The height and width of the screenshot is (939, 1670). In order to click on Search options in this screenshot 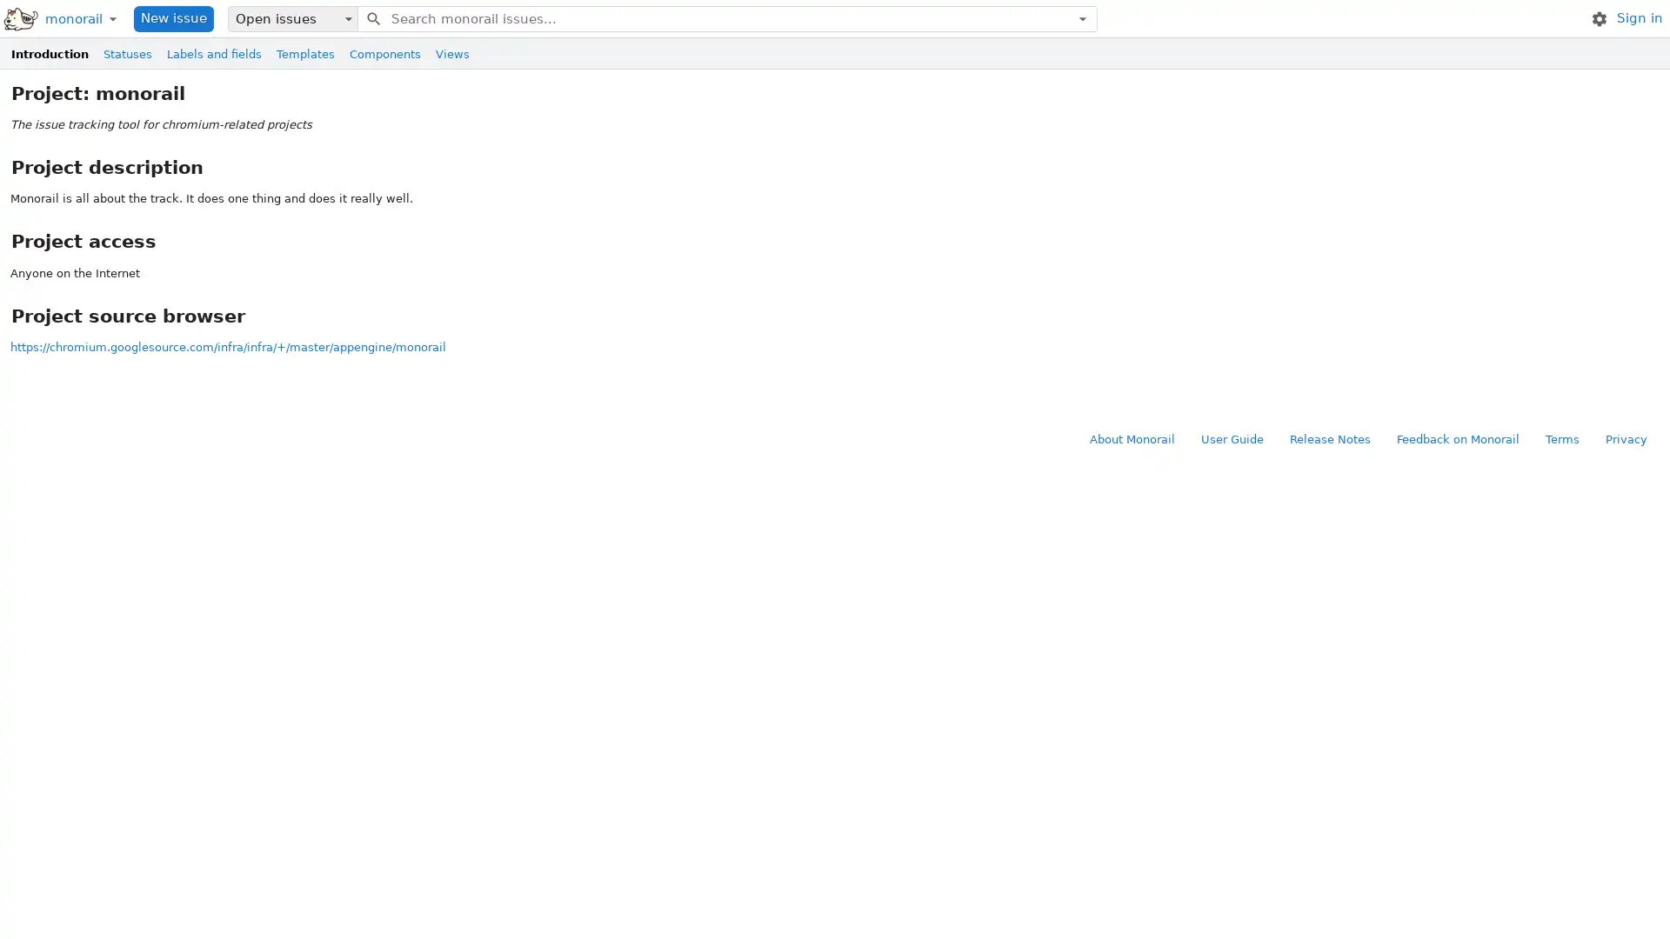, I will do `click(1081, 17)`.